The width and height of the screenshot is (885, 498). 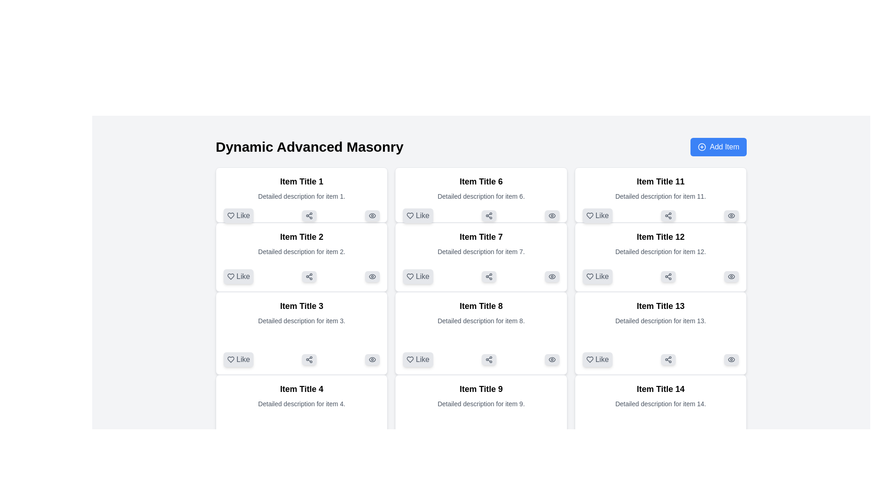 What do you see at coordinates (552, 359) in the screenshot?
I see `the eye icon button, which is the third button in a horizontal row on the right side of the card titled 'Item Title 8'` at bounding box center [552, 359].